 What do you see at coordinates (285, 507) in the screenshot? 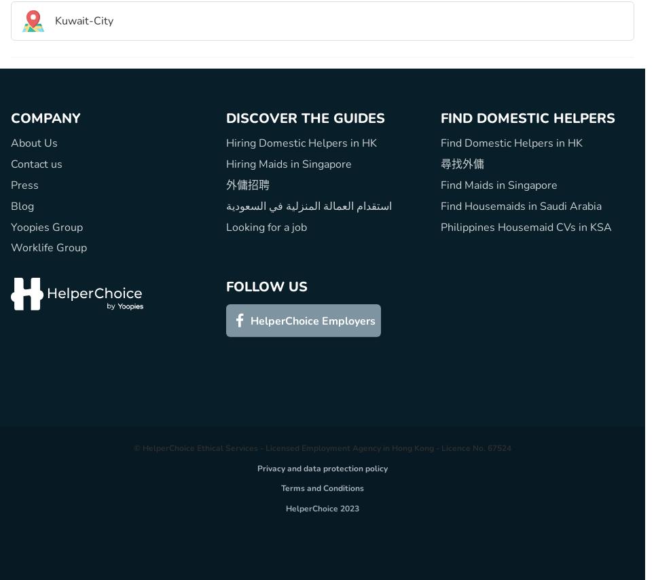
I see `'HelperChoice 2023'` at bounding box center [285, 507].